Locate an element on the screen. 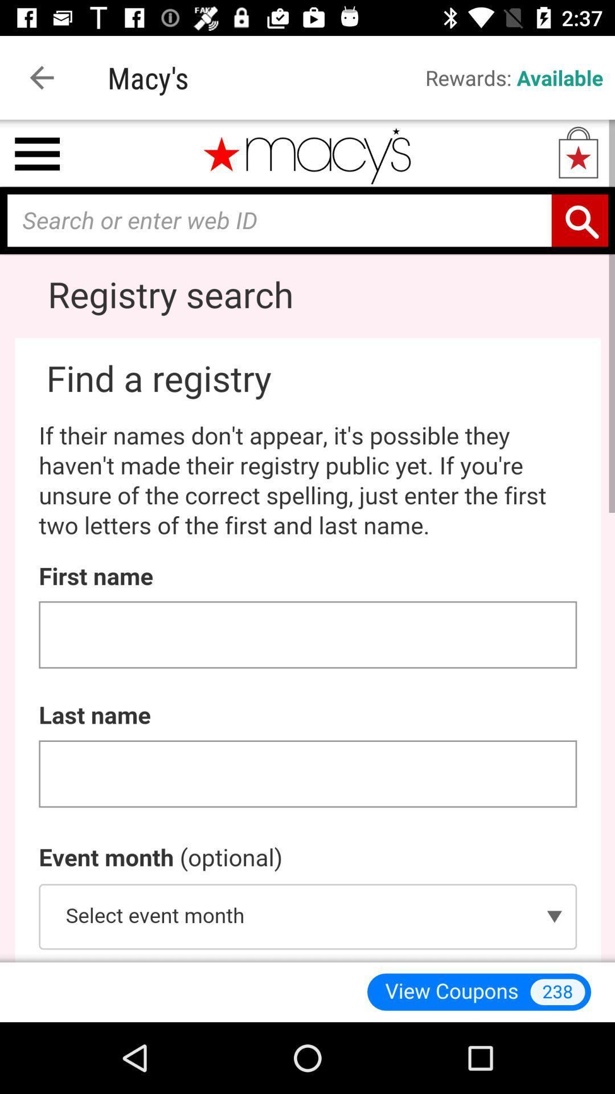  text the box is located at coordinates (307, 540).